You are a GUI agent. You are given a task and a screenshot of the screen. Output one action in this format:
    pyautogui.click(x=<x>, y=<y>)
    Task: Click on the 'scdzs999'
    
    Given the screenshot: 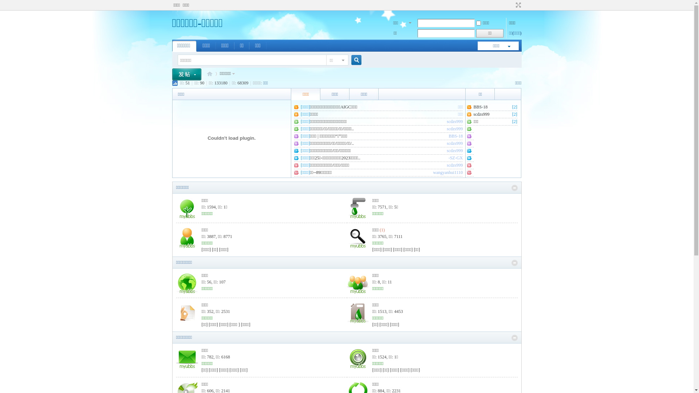 What is the action you would take?
    pyautogui.click(x=473, y=114)
    